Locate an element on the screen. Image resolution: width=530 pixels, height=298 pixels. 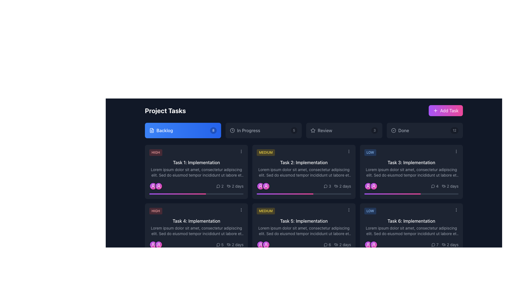
the text label displaying the count of comments or messages associated with 'Task 2: Implementation', which shows '3' and is located in the bottom right corner of the task card is located at coordinates (330, 186).